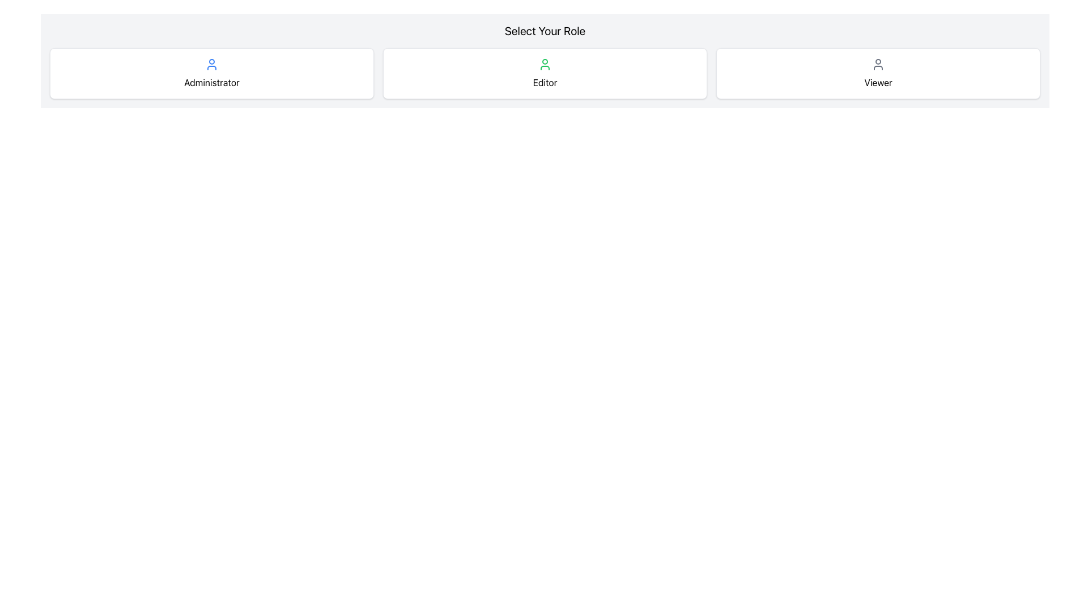  What do you see at coordinates (878, 65) in the screenshot?
I see `the 'Viewer' role icon located on the far right of the 'Select Your Role' section, above the text 'Viewer'` at bounding box center [878, 65].